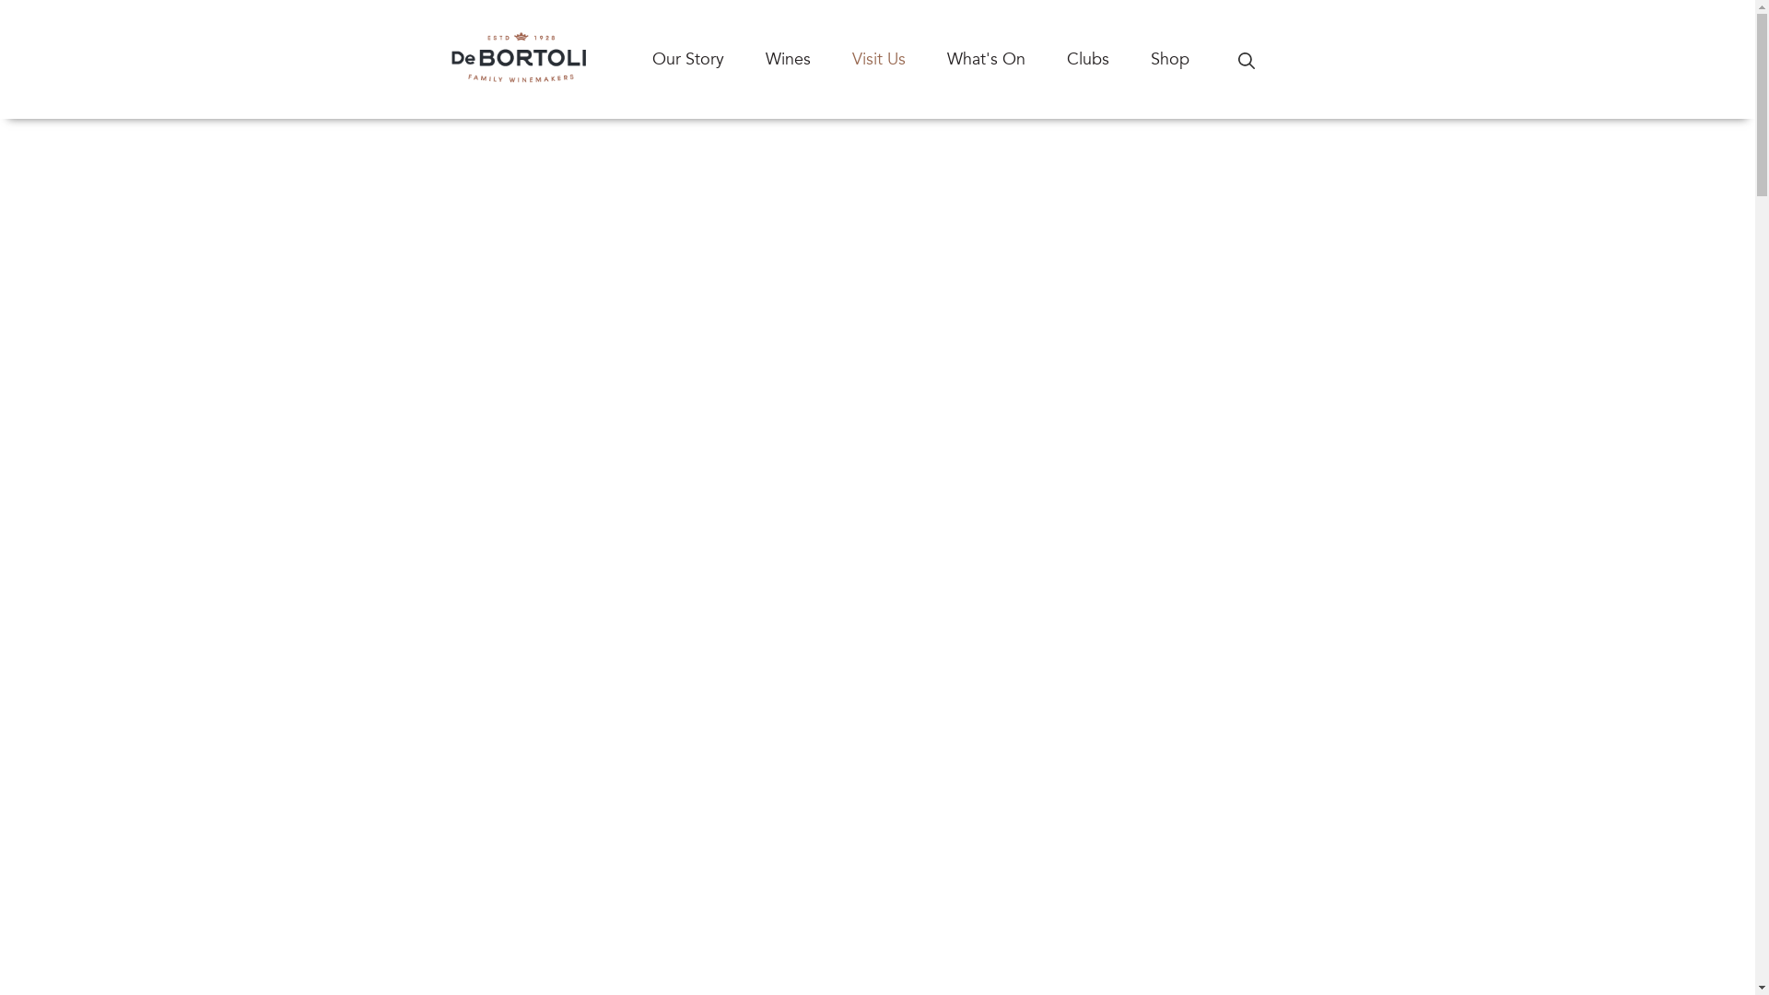 The image size is (1769, 995). What do you see at coordinates (1189, 58) in the screenshot?
I see `'Shop'` at bounding box center [1189, 58].